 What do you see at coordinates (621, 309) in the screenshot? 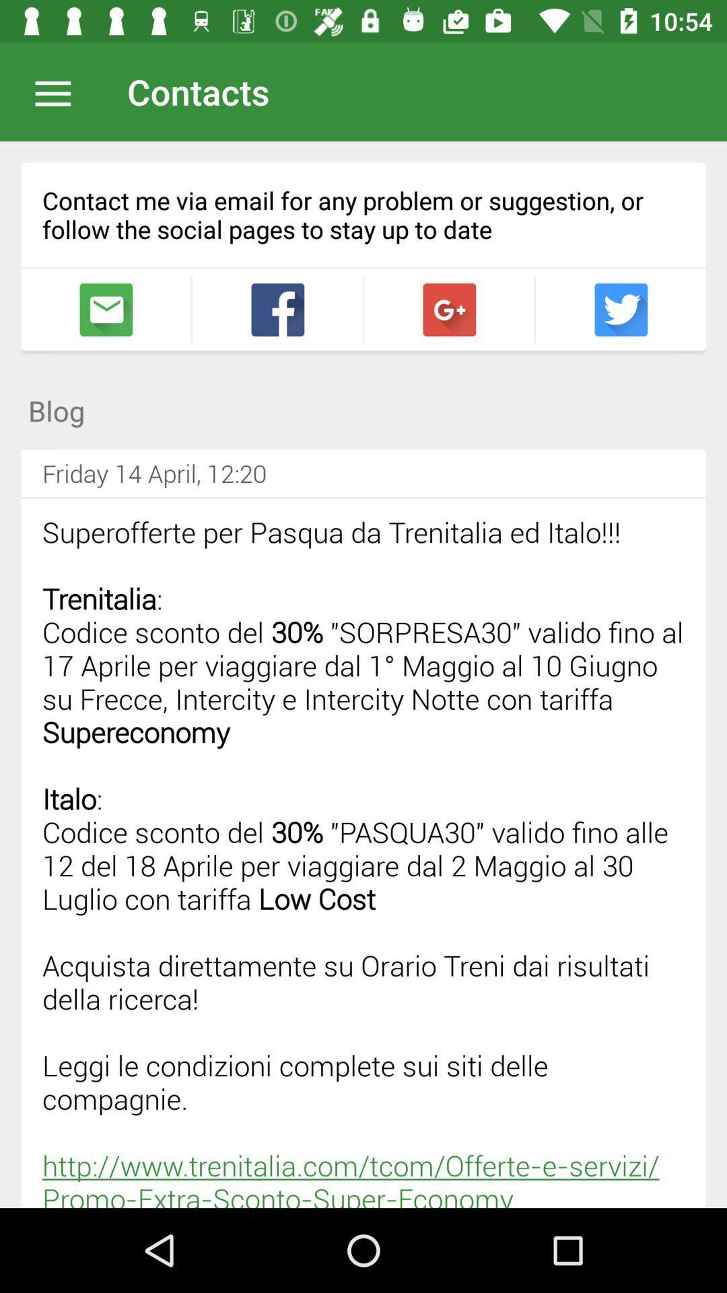
I see `follow on facebook` at bounding box center [621, 309].